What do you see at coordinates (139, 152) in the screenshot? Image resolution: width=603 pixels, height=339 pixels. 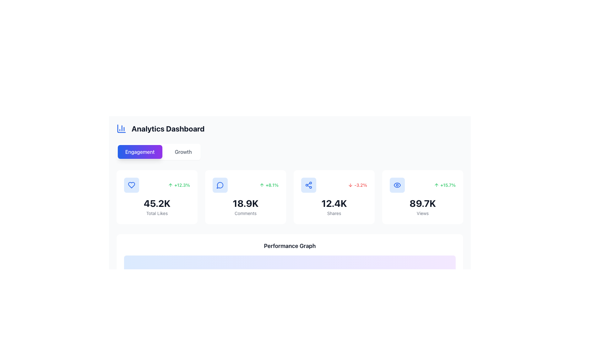 I see `the 'Engagement' button, which is a rounded button with a gradient background from blue to purple and white bold text` at bounding box center [139, 152].